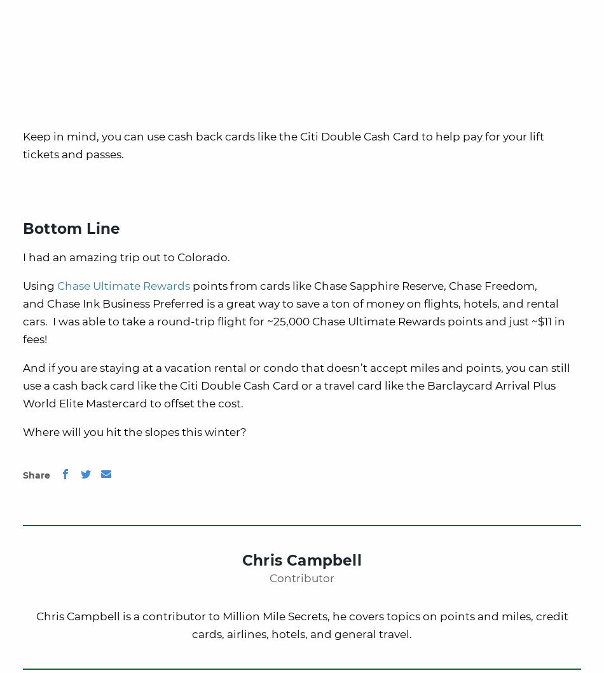 The height and width of the screenshot is (673, 604). Describe the element at coordinates (23, 330) in the screenshot. I see `'flight for ~25,000 Chase Ultimate Rewards points and just ~$11 in fees!'` at that location.